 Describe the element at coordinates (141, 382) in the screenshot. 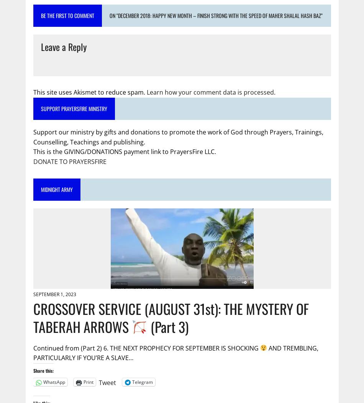

I see `'Telegram'` at that location.